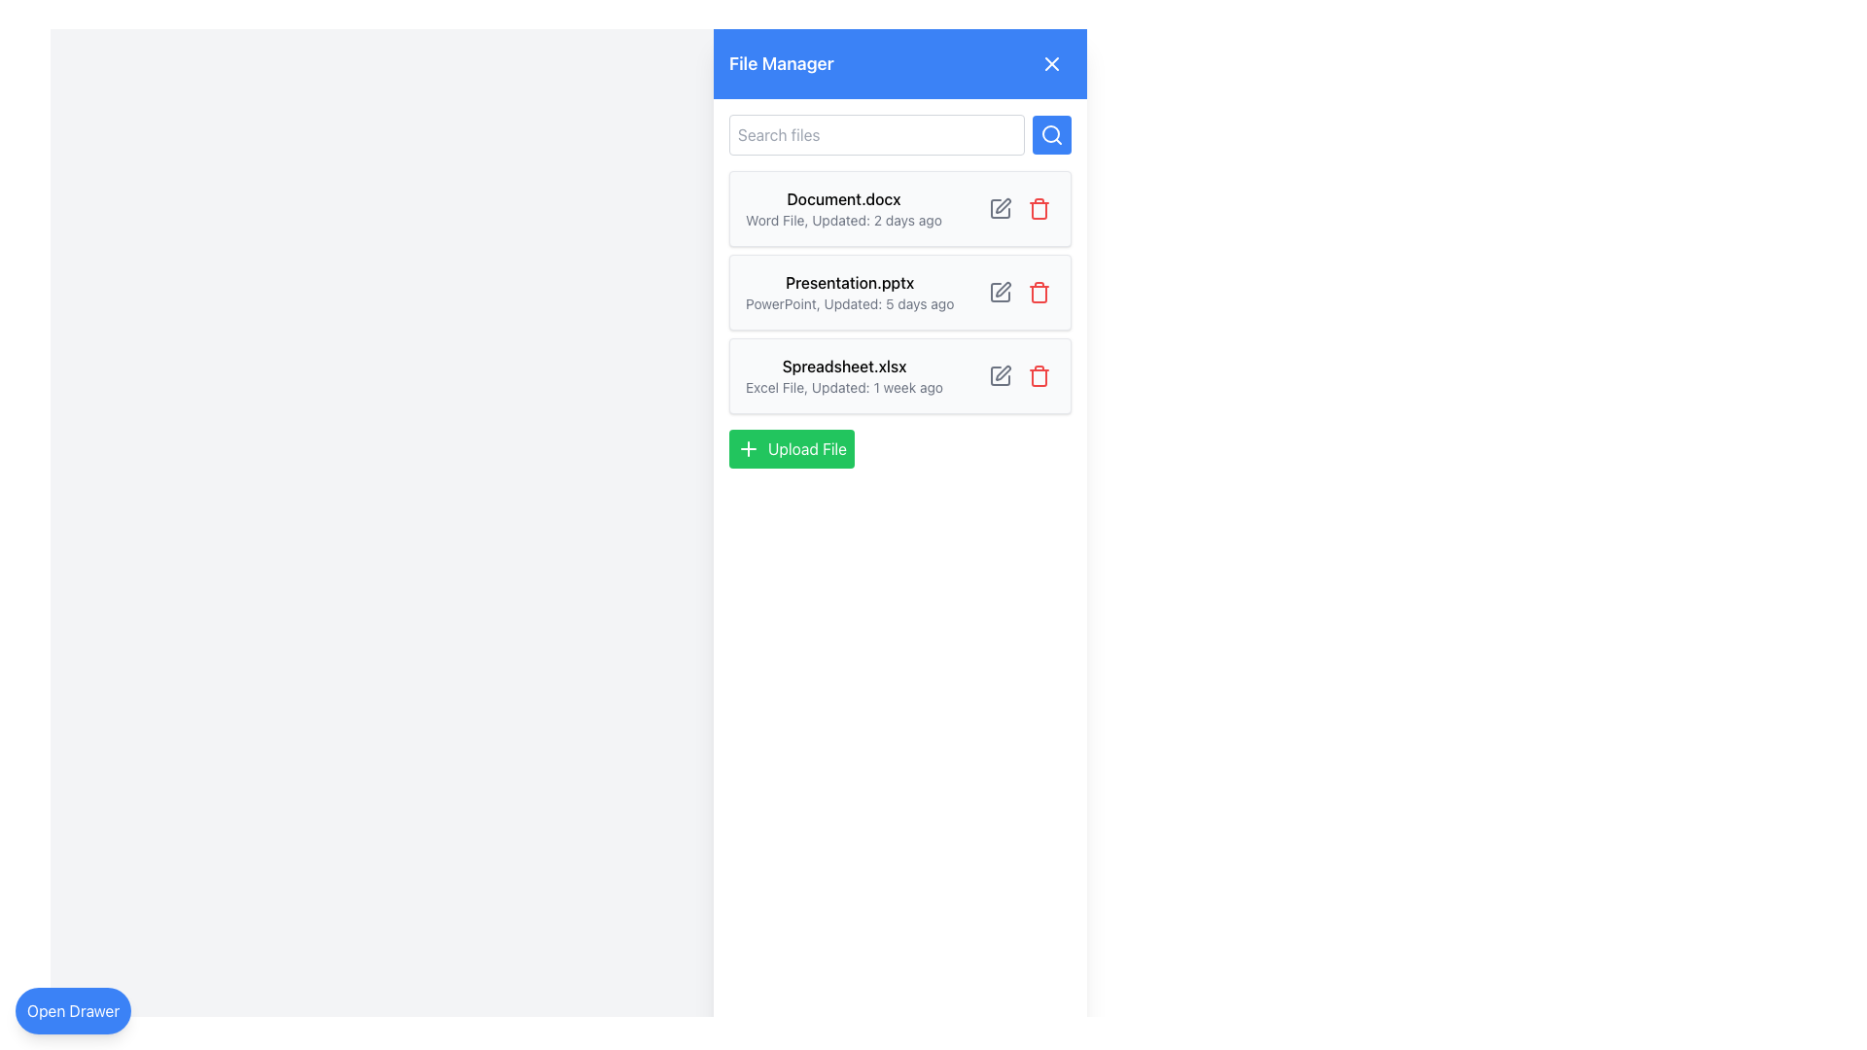 This screenshot has width=1867, height=1050. Describe the element at coordinates (792, 449) in the screenshot. I see `the 'Upload File' button with a green background and white text located at the bottom of the file list in the 'File Manager' interface to observe styling changes` at that location.